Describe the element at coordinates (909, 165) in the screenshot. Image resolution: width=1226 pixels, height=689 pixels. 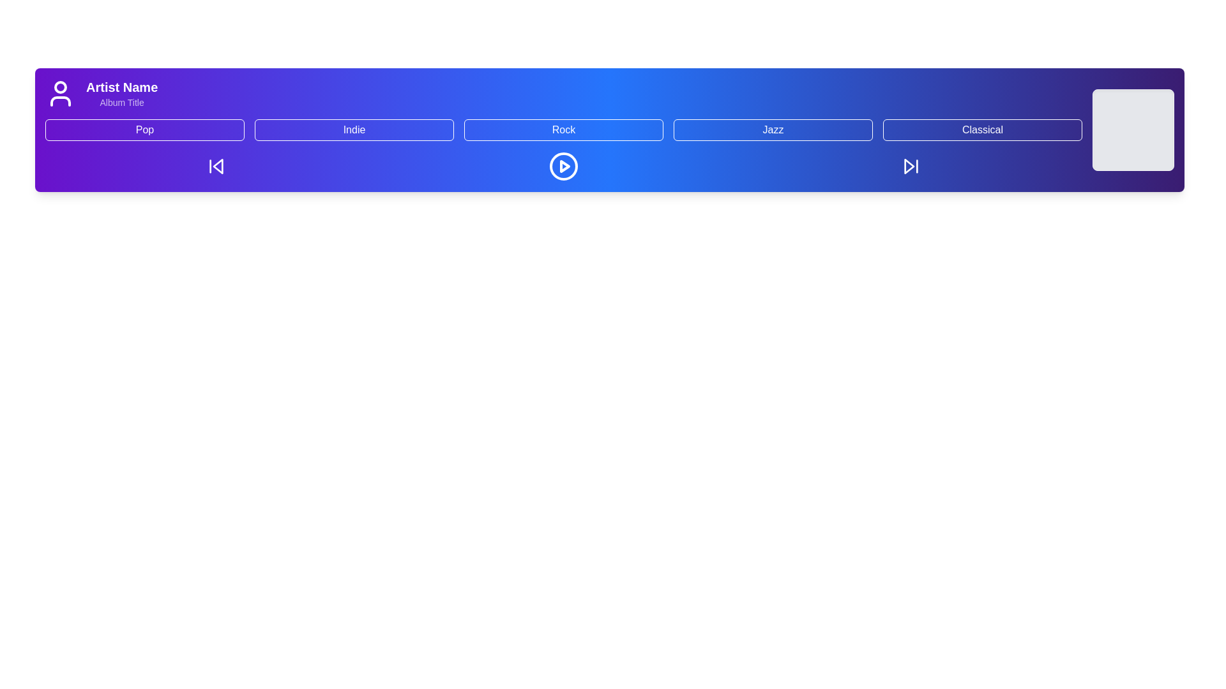
I see `the small triangular 'next' icon located on the right side of the interface` at that location.